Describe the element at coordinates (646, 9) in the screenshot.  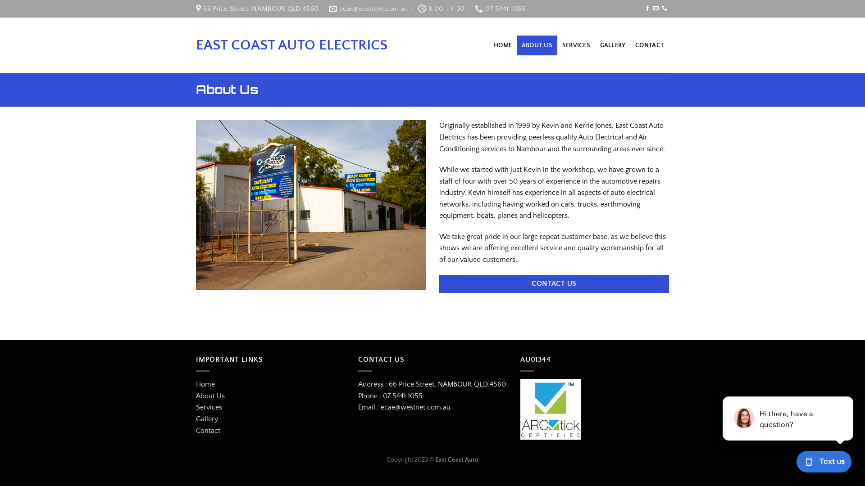
I see `'Follow on Facebook'` at that location.